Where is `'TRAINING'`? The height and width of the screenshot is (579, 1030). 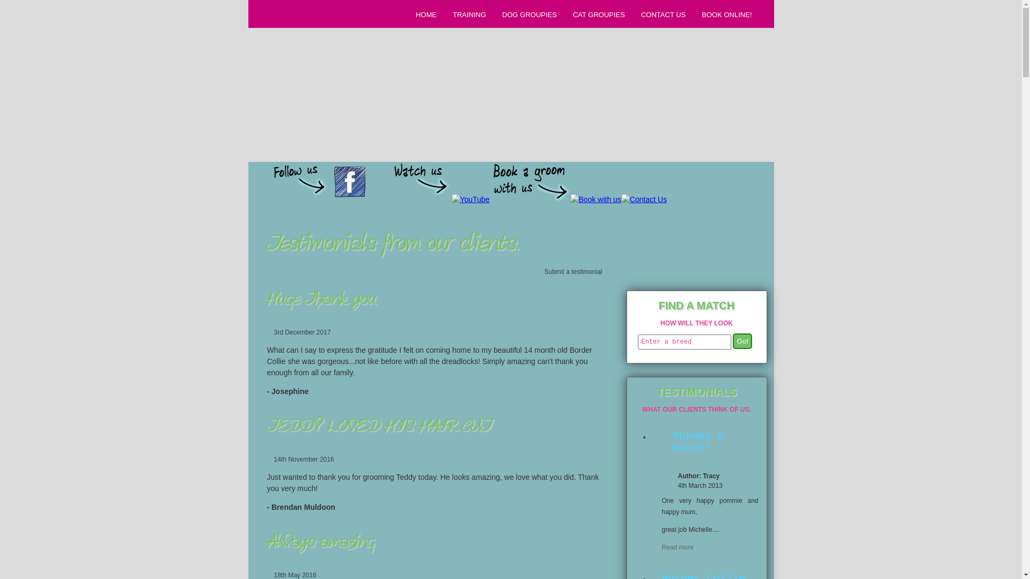
'TRAINING' is located at coordinates (468, 14).